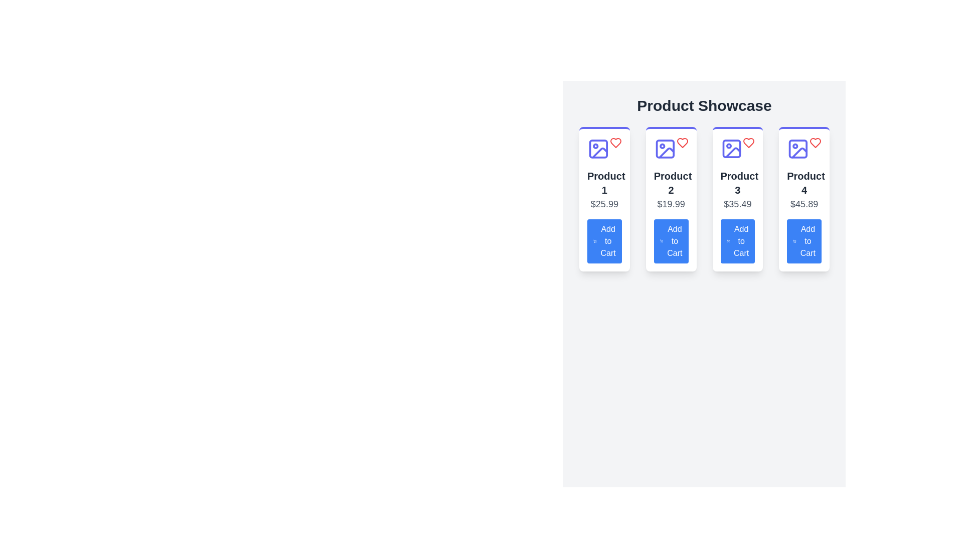 This screenshot has height=542, width=963. I want to click on the text label displaying 'Product 2' which is centrally located above its corresponding price within the second product card, so click(671, 183).